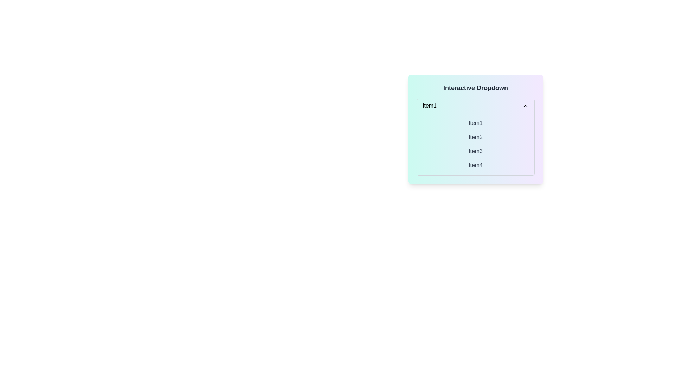  What do you see at coordinates (476, 151) in the screenshot?
I see `the third item in the dropdown list, which is located between 'Item2' and 'Item4'` at bounding box center [476, 151].